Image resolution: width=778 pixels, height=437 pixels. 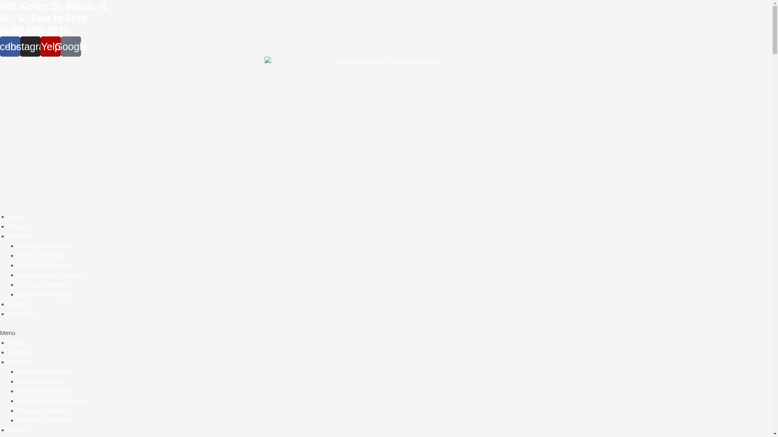 I want to click on 'Bathroom Remodel', so click(x=43, y=390).